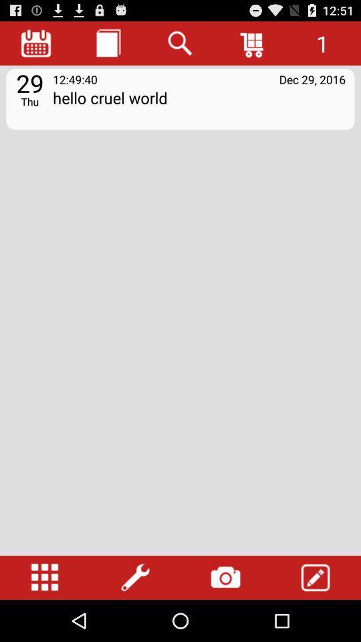 The height and width of the screenshot is (642, 361). Describe the element at coordinates (29, 100) in the screenshot. I see `app to the left of hello cruel world` at that location.